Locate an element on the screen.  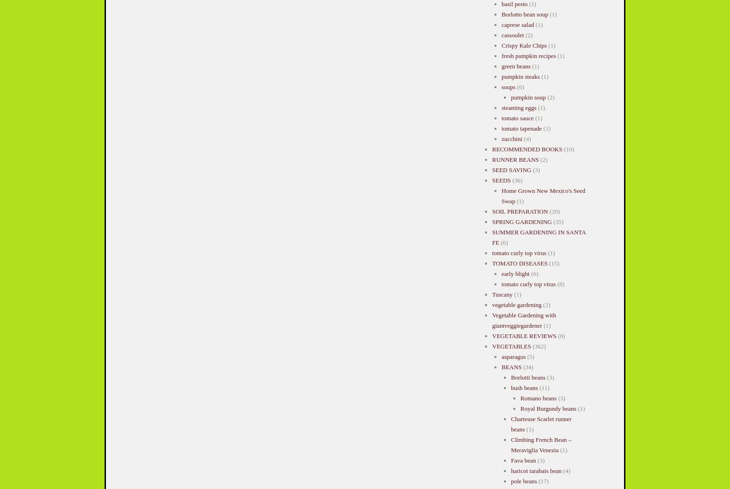
'caprese salad' is located at coordinates (517, 24).